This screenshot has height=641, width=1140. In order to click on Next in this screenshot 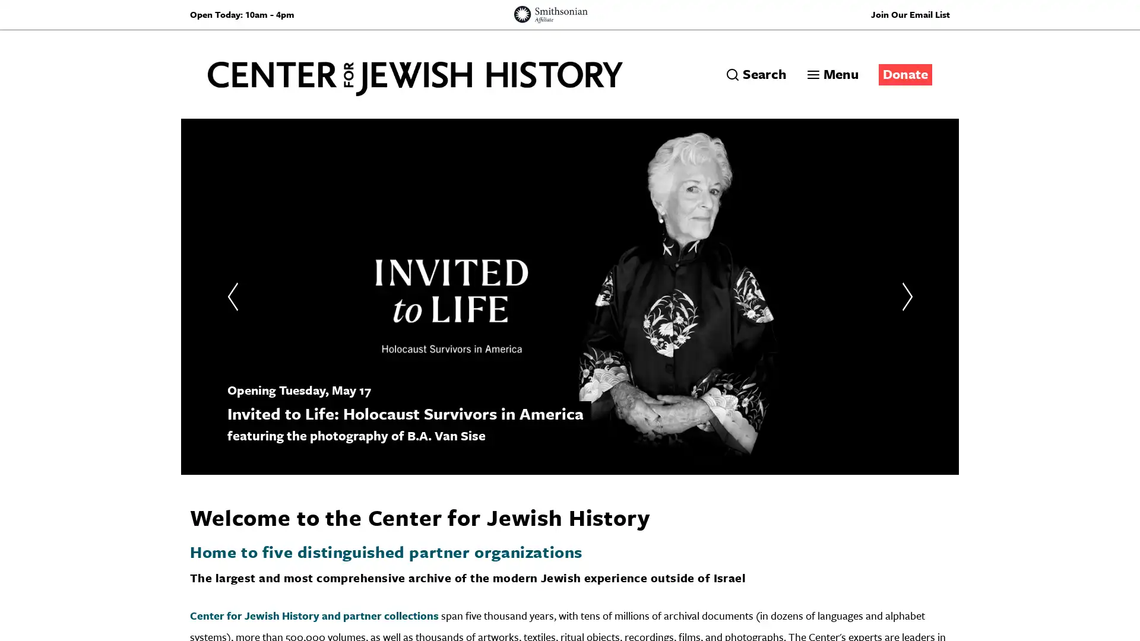, I will do `click(906, 296)`.